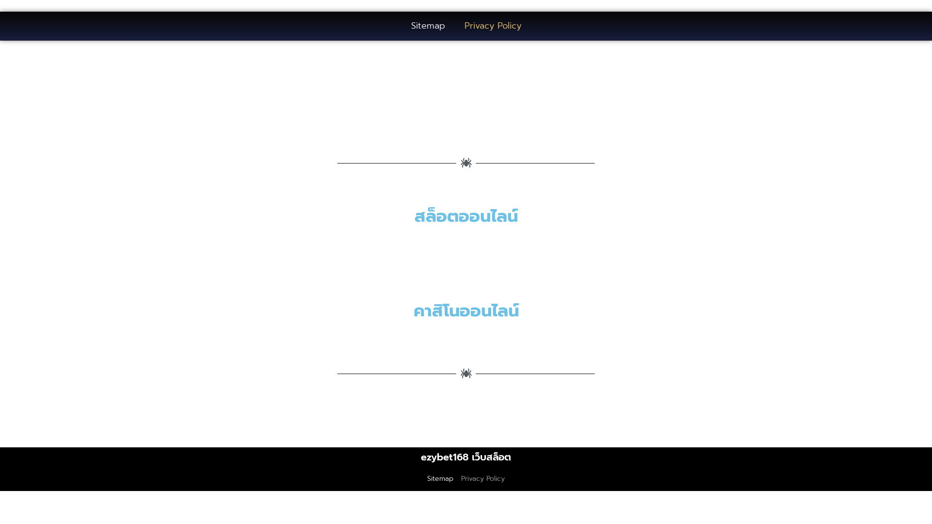 This screenshot has width=932, height=524. I want to click on 'Sitemap', so click(427, 25).